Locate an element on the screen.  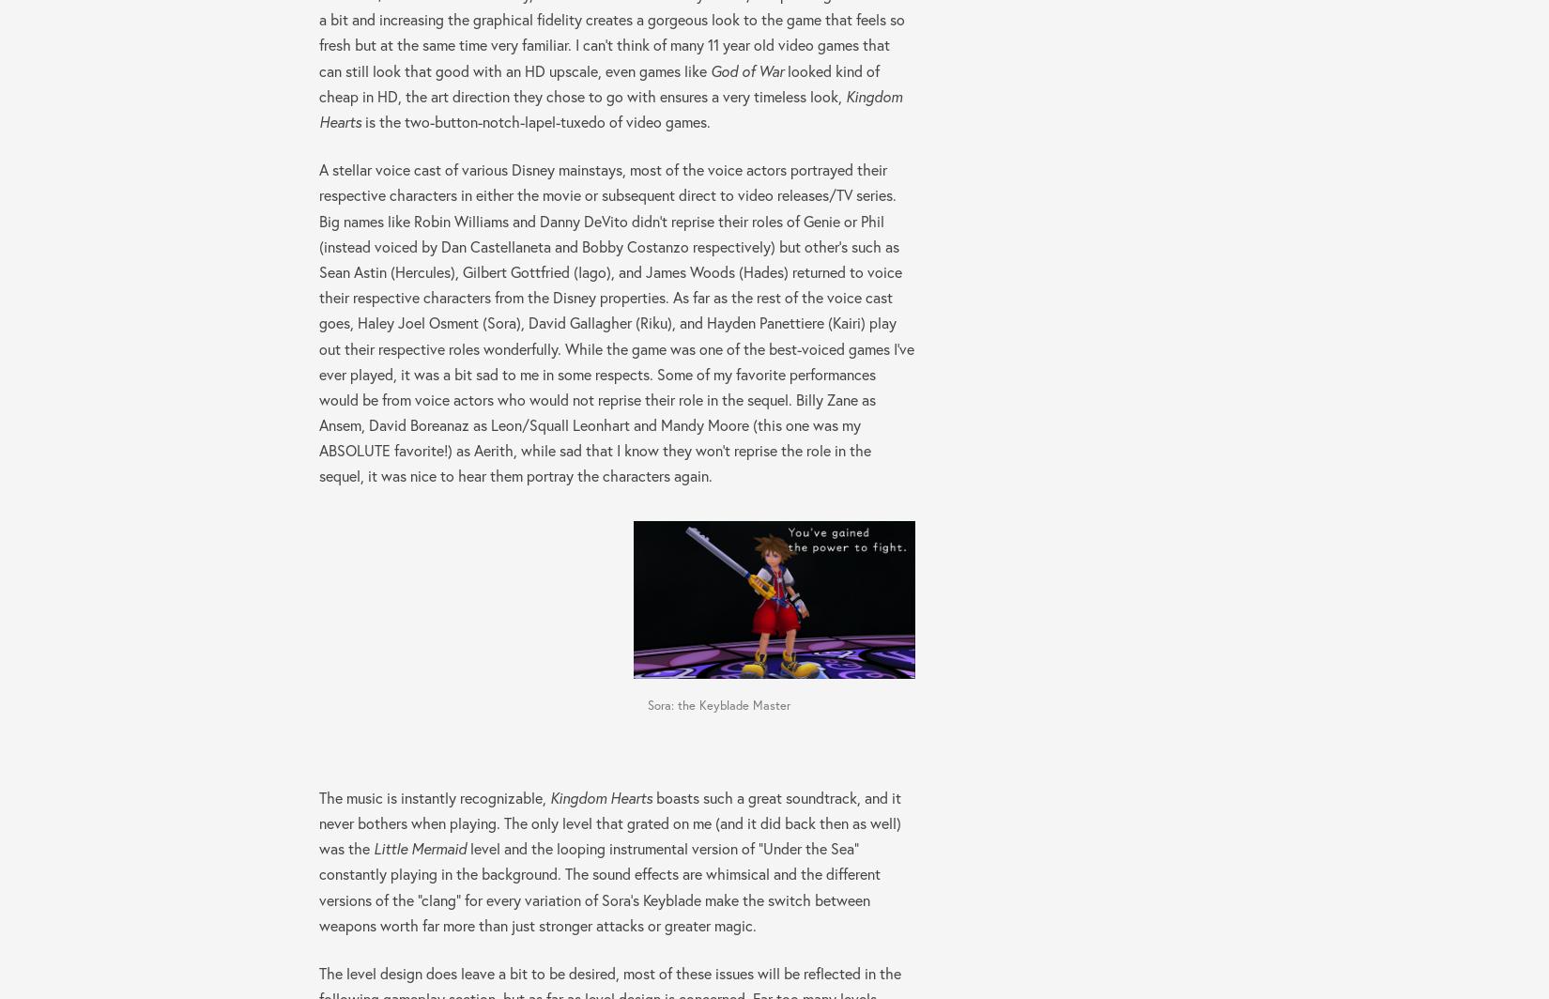
'Sora: the Keyblade Master' is located at coordinates (716, 705).